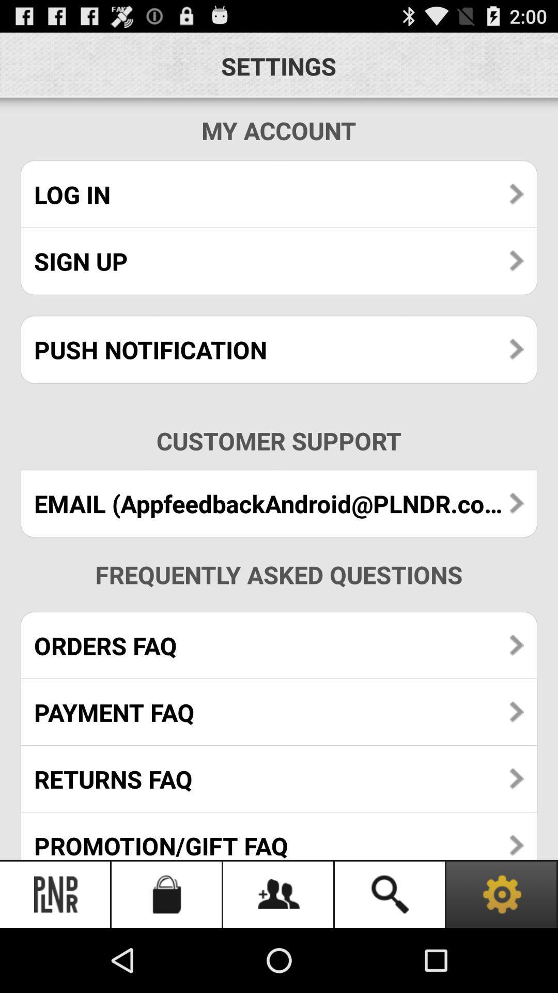 The height and width of the screenshot is (993, 558). Describe the element at coordinates (279, 836) in the screenshot. I see `icon below returns faq` at that location.